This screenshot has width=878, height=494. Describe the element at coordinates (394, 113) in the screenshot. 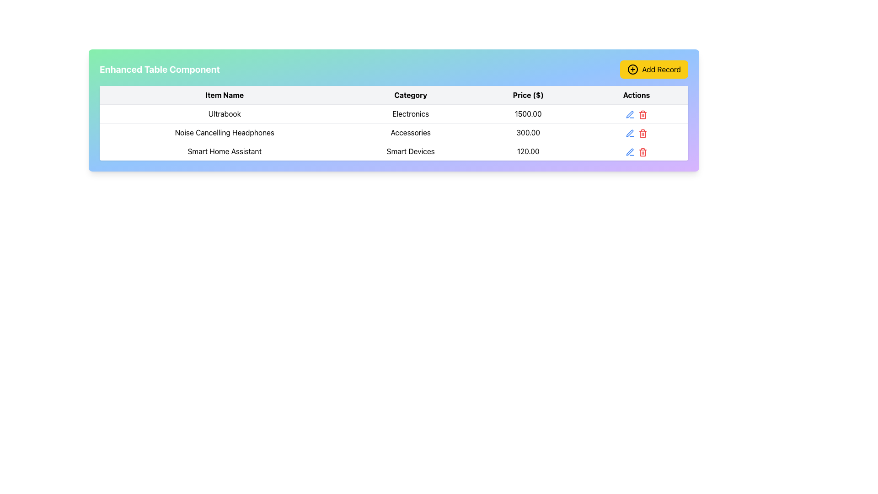

I see `the text 'Electronics' displayed in a plain black font, located under the 'Category' column for the 'Ultrabook' item in the table` at that location.